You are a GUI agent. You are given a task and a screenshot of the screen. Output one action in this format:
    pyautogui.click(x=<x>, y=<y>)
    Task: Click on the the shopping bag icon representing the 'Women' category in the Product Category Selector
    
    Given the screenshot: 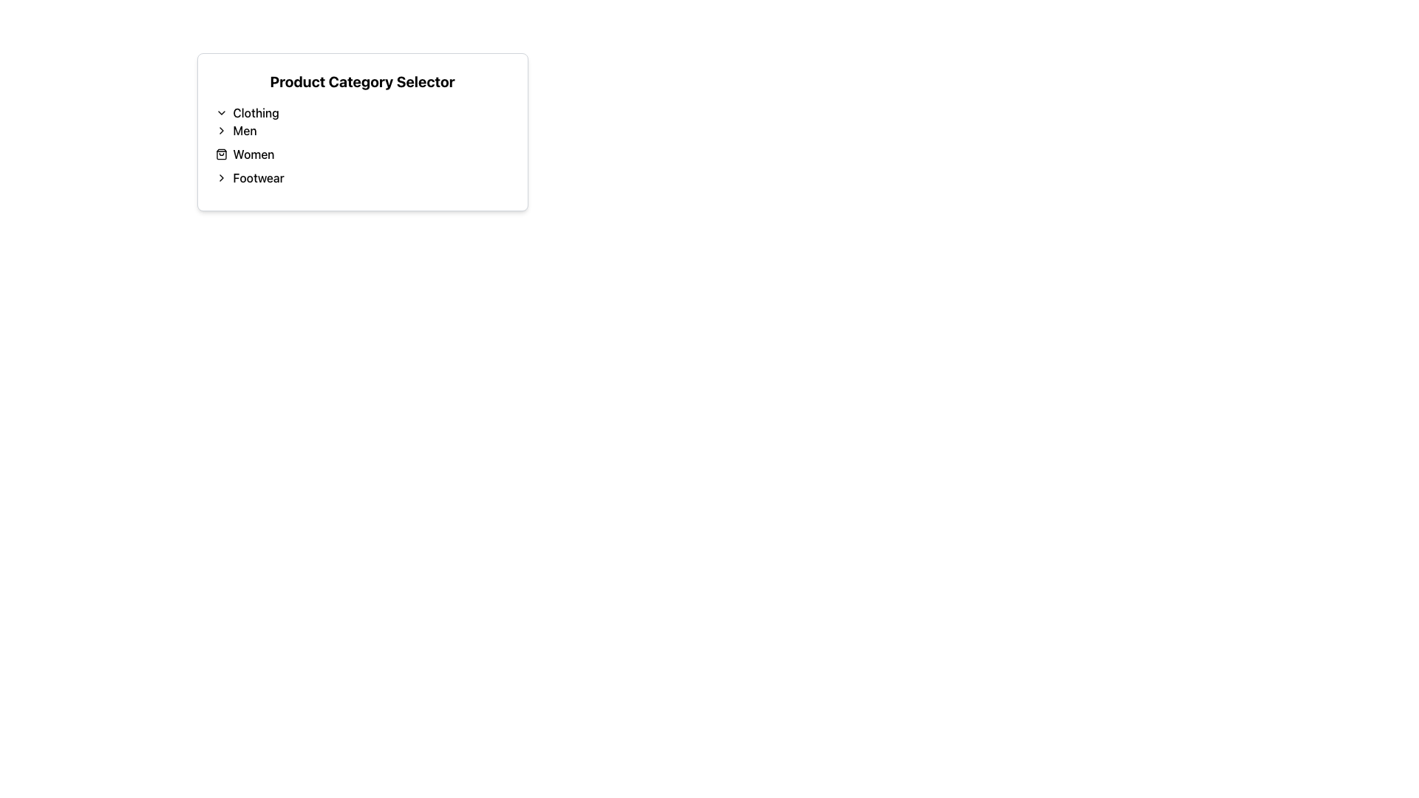 What is the action you would take?
    pyautogui.click(x=220, y=154)
    